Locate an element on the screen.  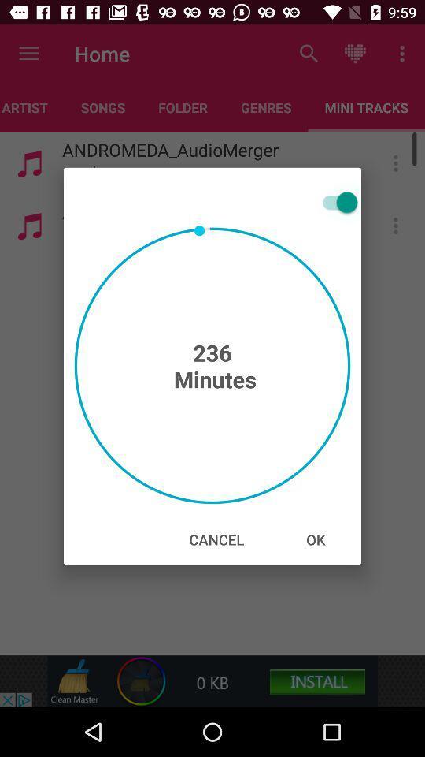
the icon next to the cancel is located at coordinates (316, 539).